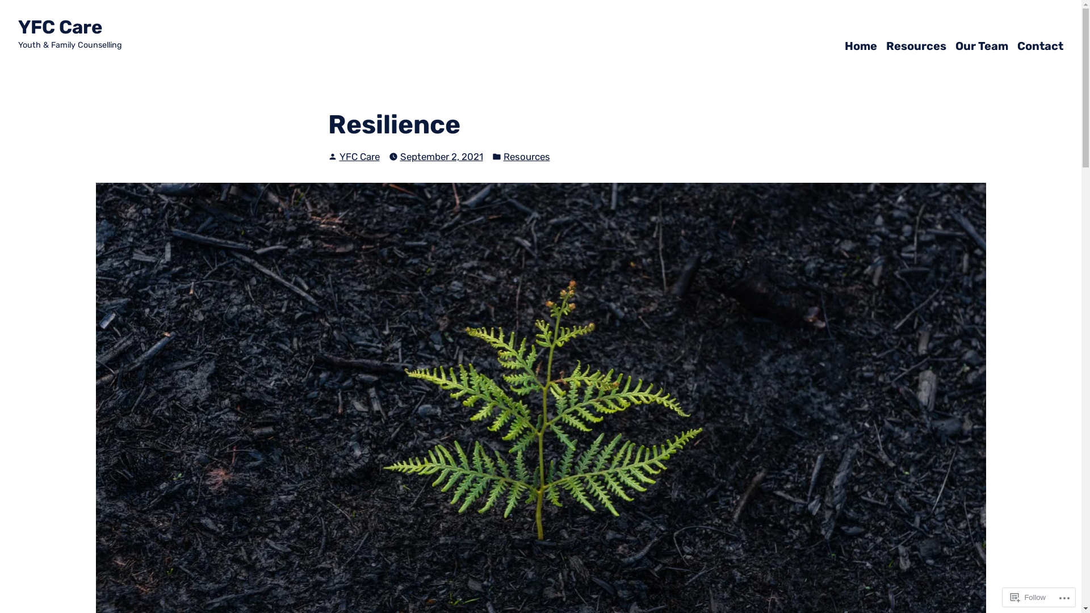 The image size is (1090, 613). What do you see at coordinates (60, 26) in the screenshot?
I see `'YFC Care'` at bounding box center [60, 26].